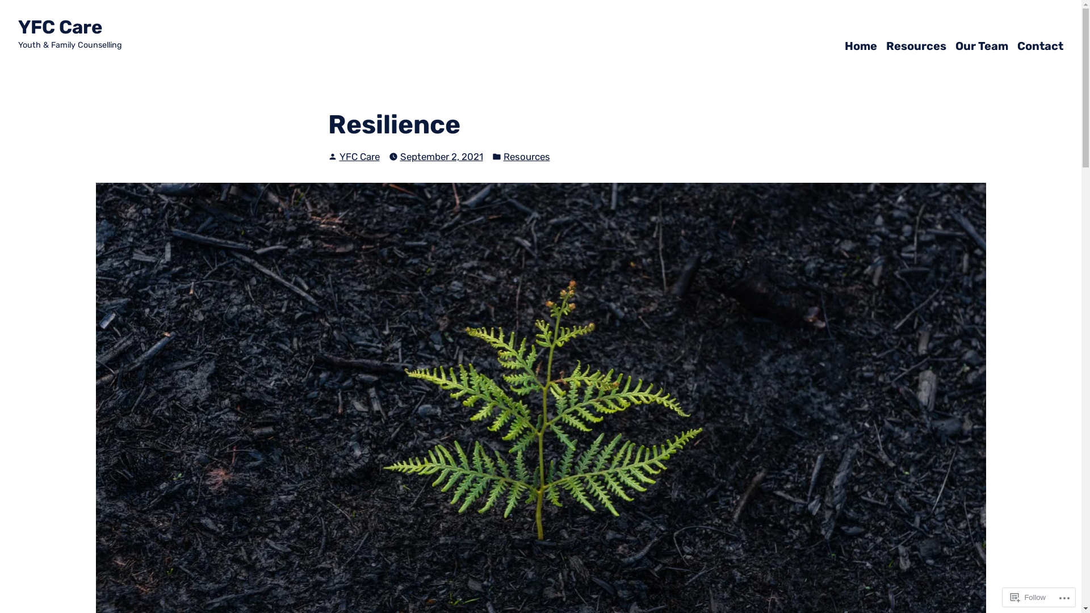 The image size is (1090, 613). What do you see at coordinates (60, 26) in the screenshot?
I see `'YFC Care'` at bounding box center [60, 26].